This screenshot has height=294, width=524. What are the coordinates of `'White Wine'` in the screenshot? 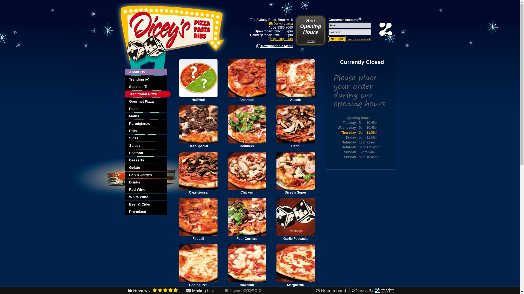 It's located at (147, 197).